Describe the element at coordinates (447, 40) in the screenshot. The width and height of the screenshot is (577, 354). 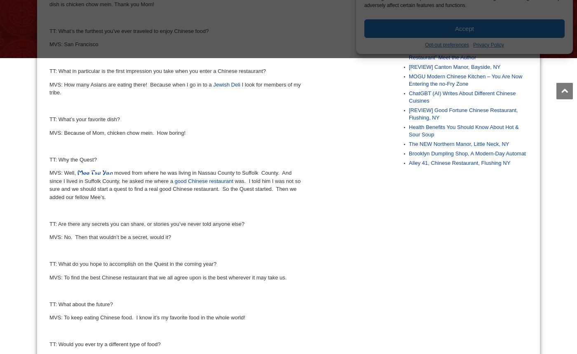
I see `'LOL BBQ & Bar, Great Neck, NY'` at that location.